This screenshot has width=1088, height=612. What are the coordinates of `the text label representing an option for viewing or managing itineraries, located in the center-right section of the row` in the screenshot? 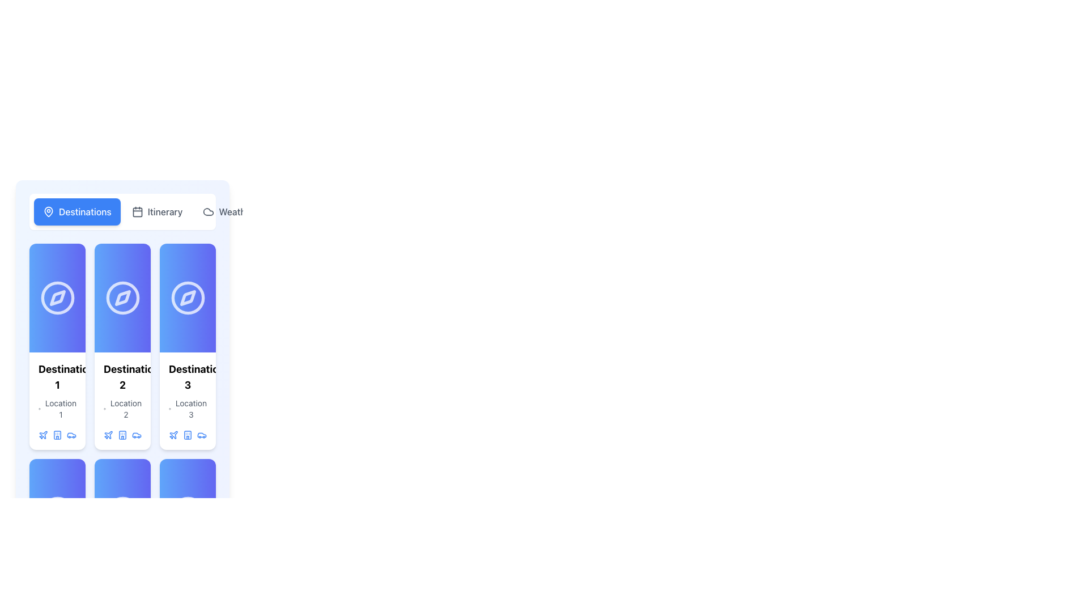 It's located at (164, 212).